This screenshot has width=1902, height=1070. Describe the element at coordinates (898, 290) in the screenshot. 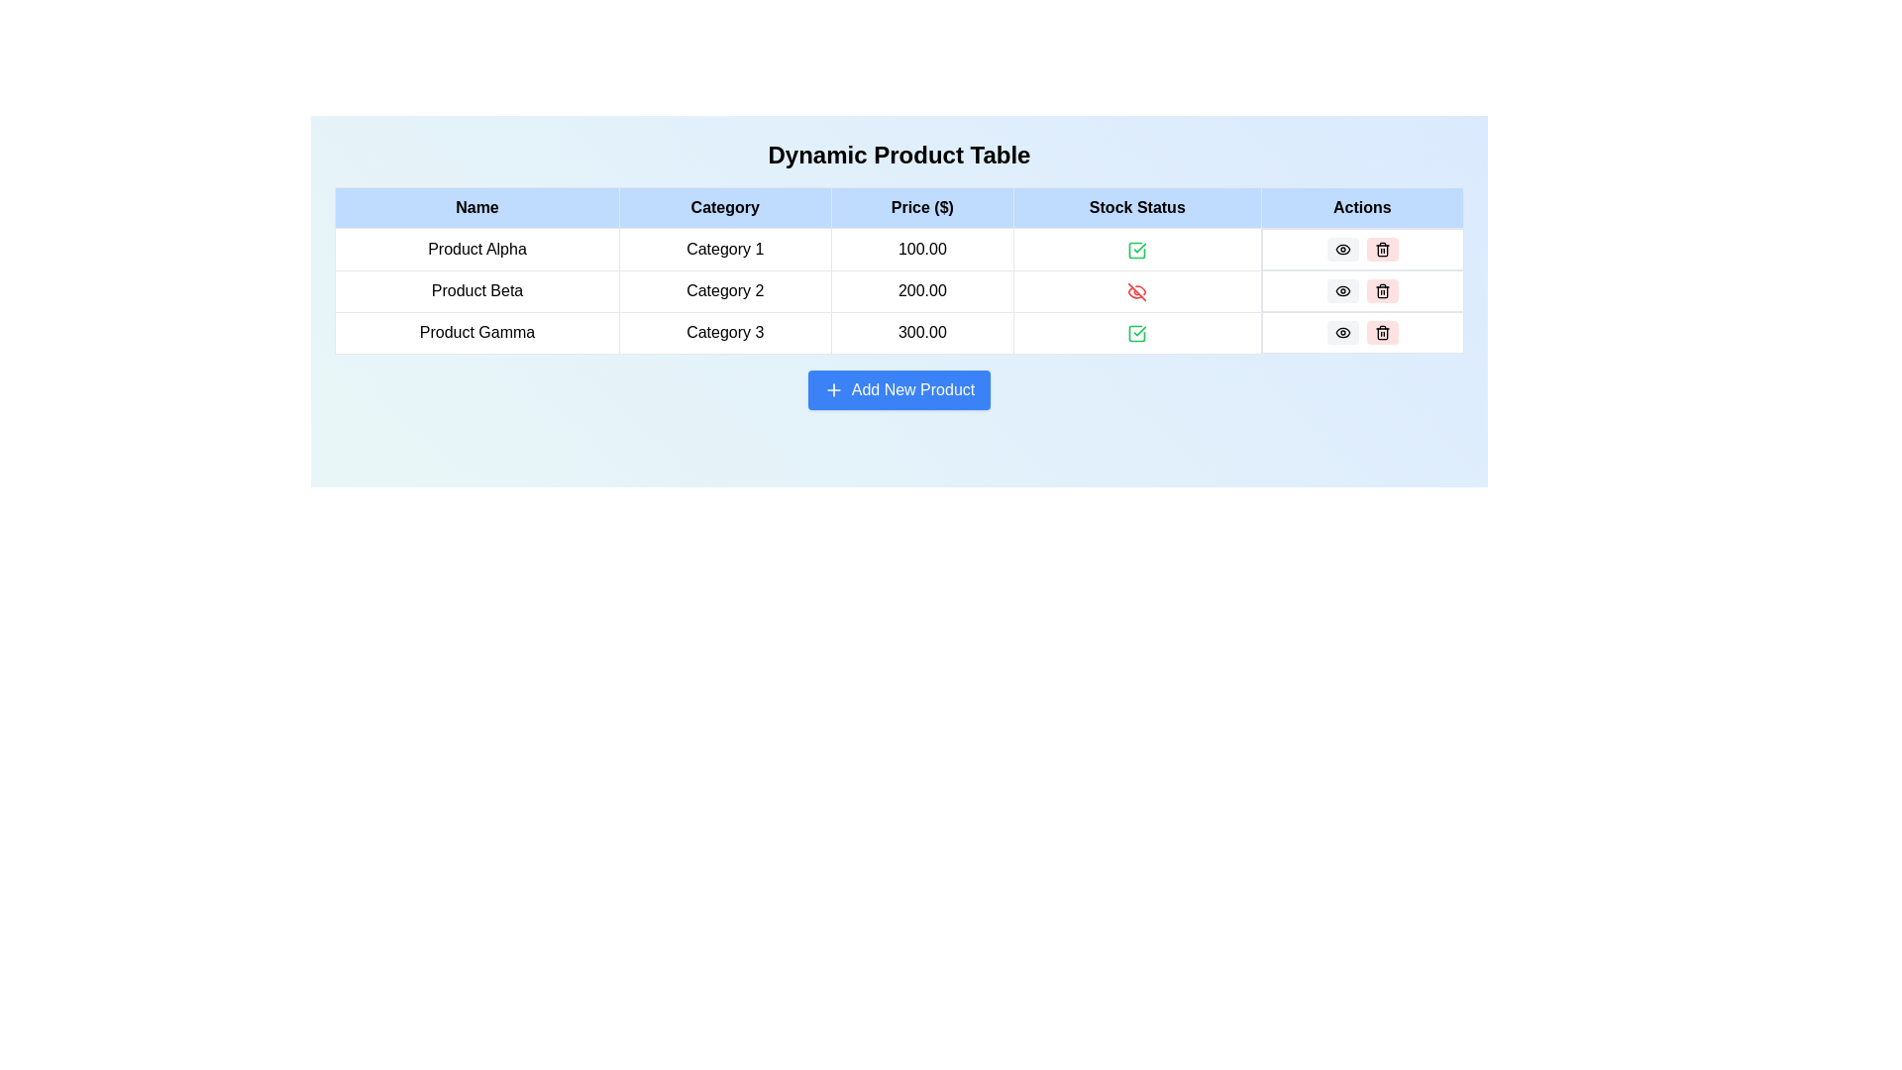

I see `on the second row of the 'Dynamic Product Table' that displays information about 'Product Beta', including its category and price` at that location.